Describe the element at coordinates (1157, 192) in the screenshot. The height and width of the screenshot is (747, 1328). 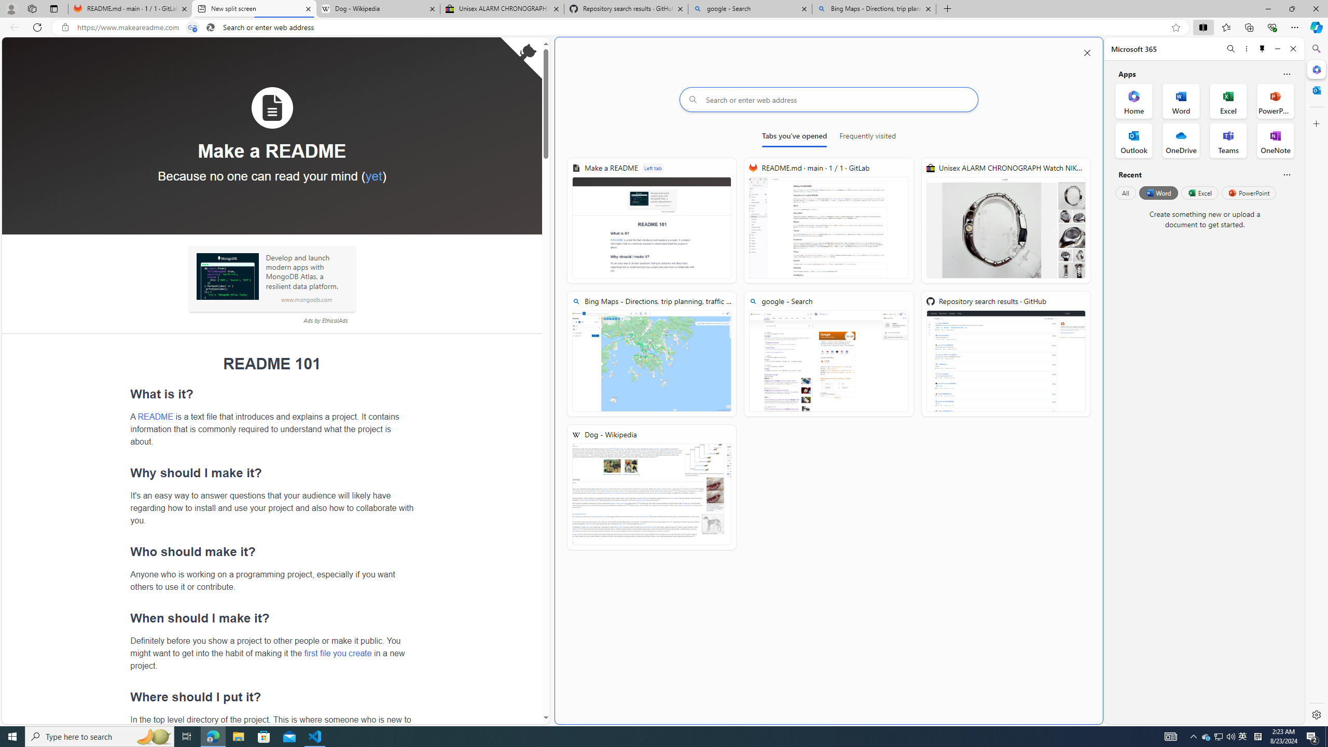
I see `'Word'` at that location.